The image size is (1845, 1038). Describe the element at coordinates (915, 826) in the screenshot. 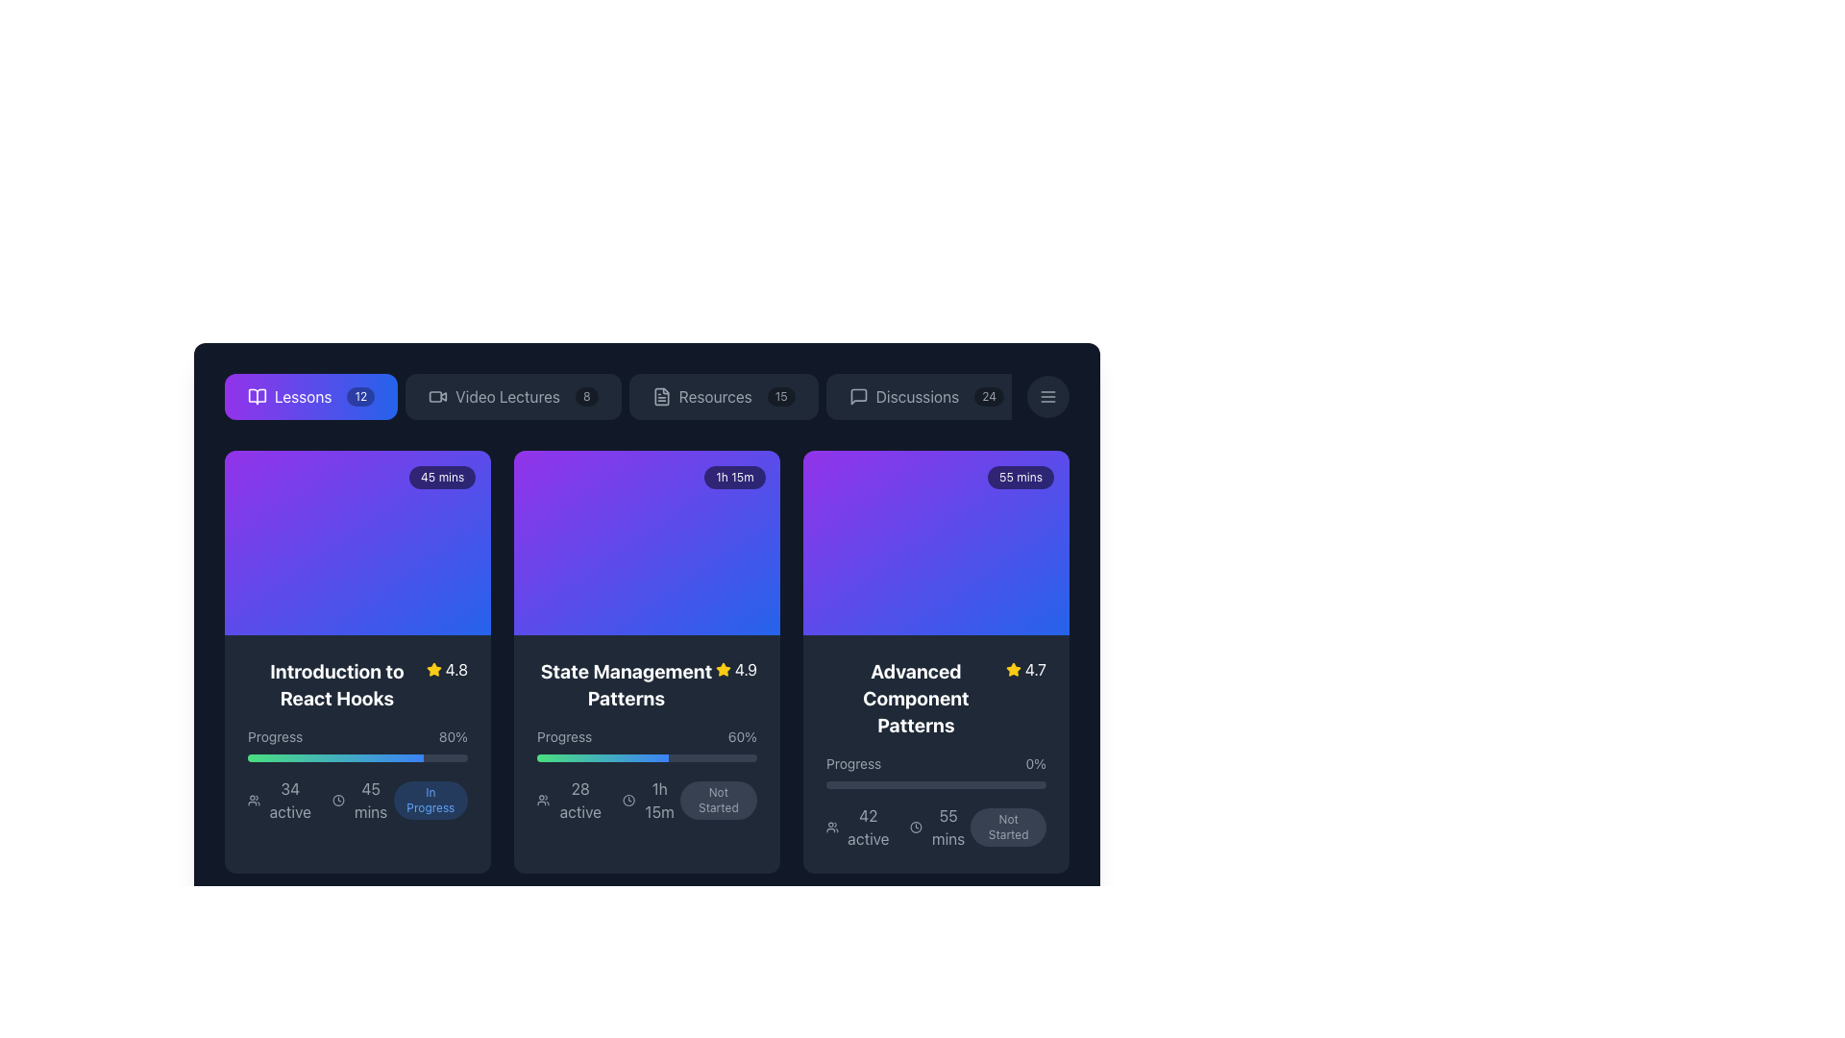

I see `the clock icon located to the left of the '55 mins' text within the 'Advanced Component Patterns' card` at that location.